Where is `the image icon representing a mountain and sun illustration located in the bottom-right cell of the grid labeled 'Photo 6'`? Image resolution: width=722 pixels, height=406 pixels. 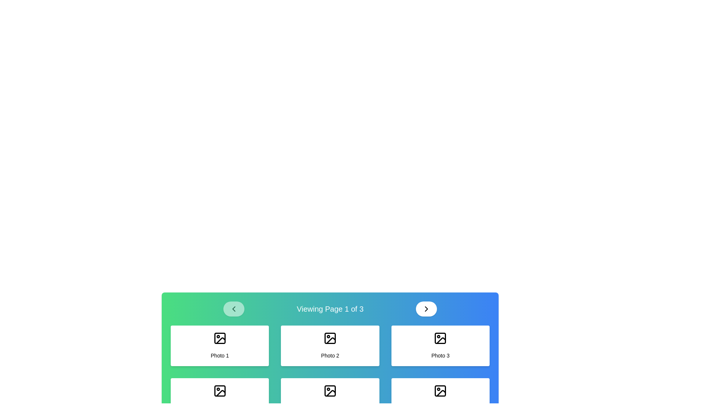 the image icon representing a mountain and sun illustration located in the bottom-right cell of the grid labeled 'Photo 6' is located at coordinates (440, 391).